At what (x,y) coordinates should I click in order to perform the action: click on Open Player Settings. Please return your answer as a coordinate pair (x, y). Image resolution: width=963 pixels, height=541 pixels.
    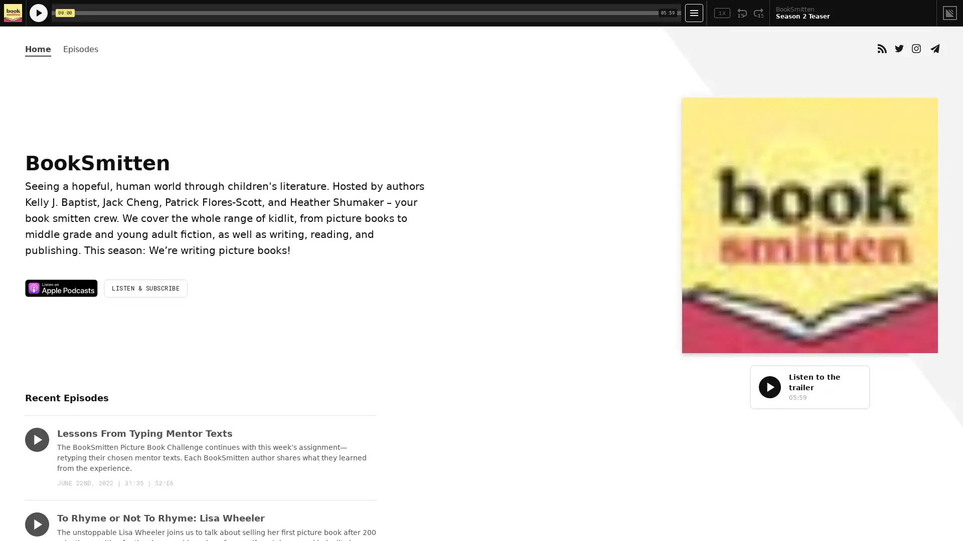
    Looking at the image, I should click on (693, 13).